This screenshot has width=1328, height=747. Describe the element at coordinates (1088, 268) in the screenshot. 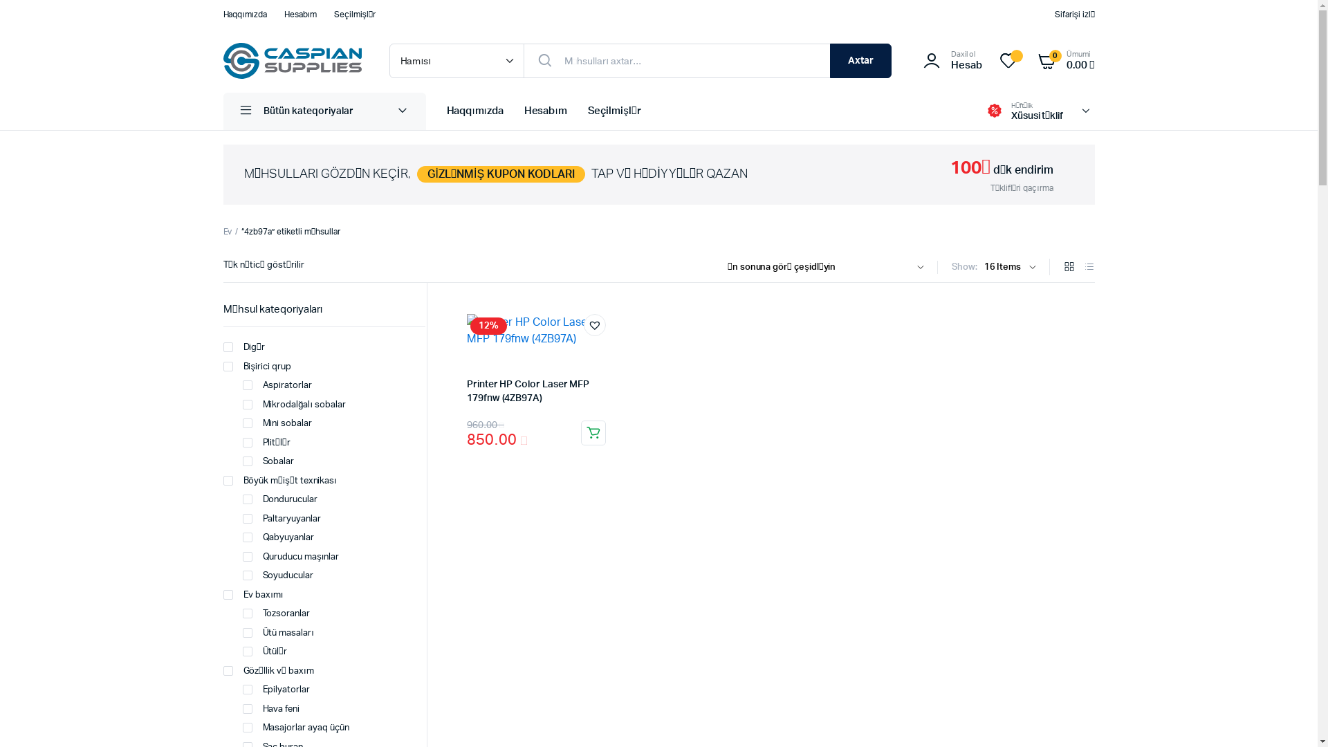

I see `'List Products'` at that location.